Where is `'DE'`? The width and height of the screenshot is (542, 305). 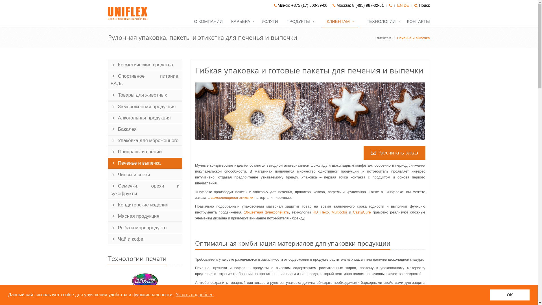
'DE' is located at coordinates (406, 5).